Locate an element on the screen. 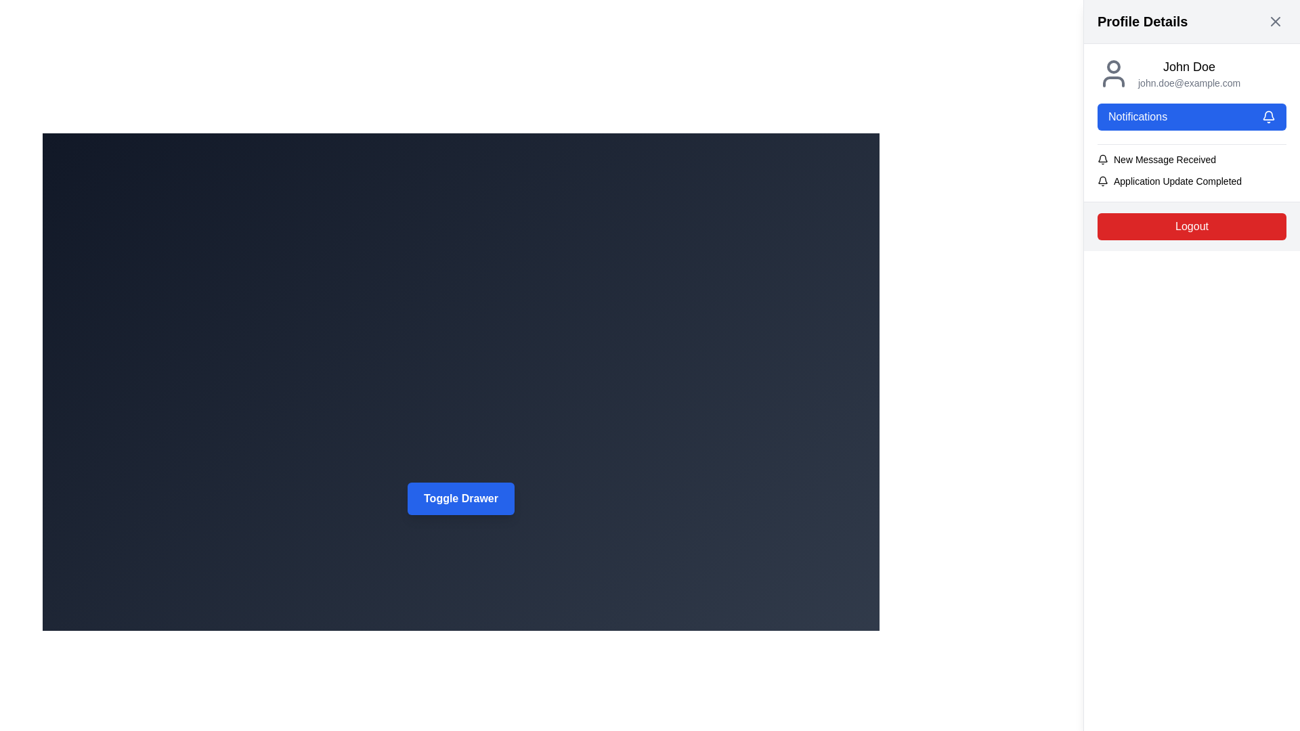 Image resolution: width=1300 pixels, height=731 pixels. the prominent blue 'Toggle Drawer' button with white text is located at coordinates (461, 498).